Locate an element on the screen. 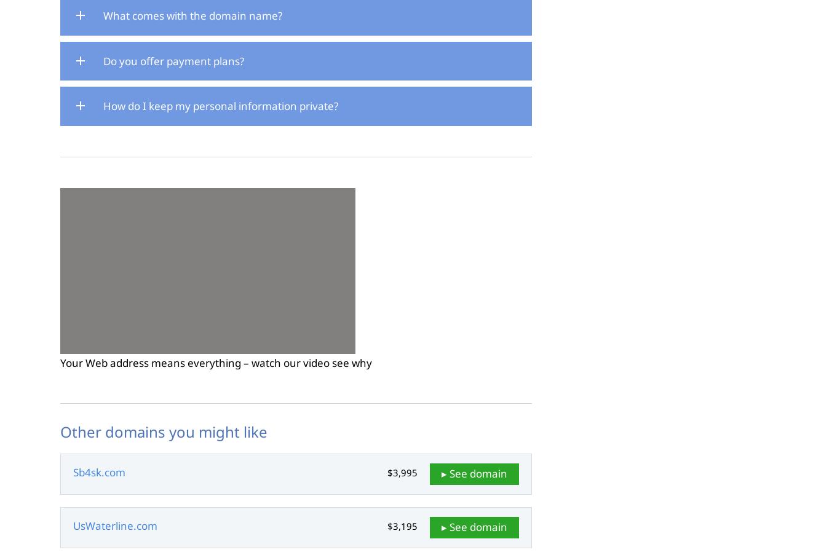 This screenshot has width=840, height=555. '$3,195' is located at coordinates (402, 526).